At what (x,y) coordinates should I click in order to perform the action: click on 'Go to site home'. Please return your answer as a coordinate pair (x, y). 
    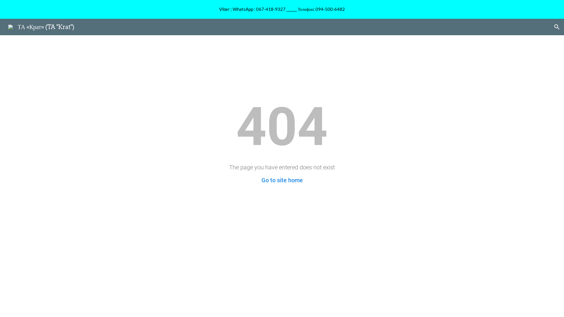
    Looking at the image, I should click on (282, 180).